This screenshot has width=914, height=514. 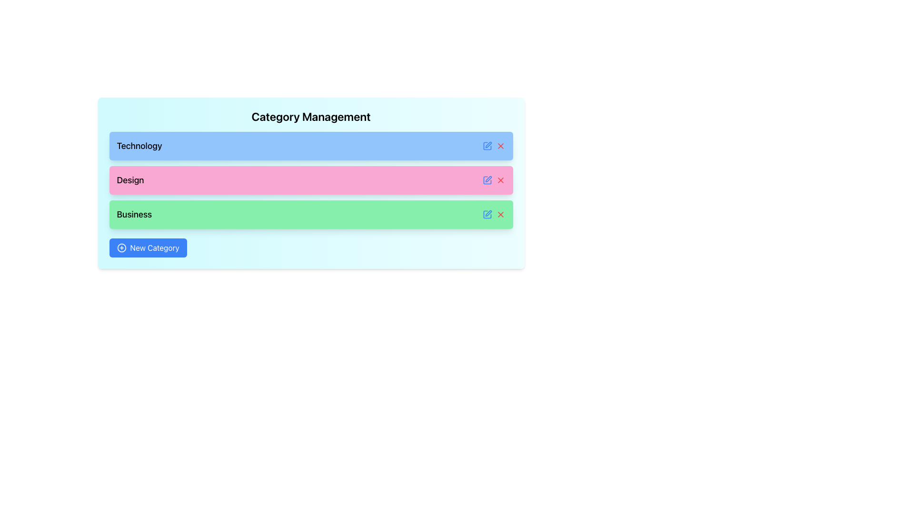 I want to click on the small SVG icon resembling an 'X' located at the right end of the pink row labeled 'Design' in the 'Category Management' section, so click(x=500, y=180).